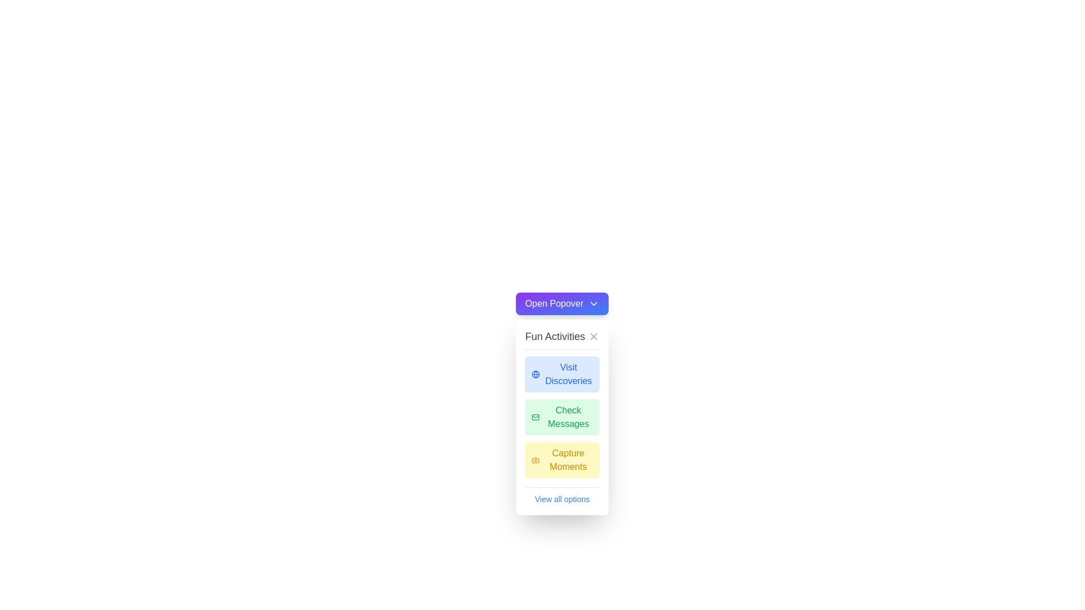 The width and height of the screenshot is (1085, 610). What do you see at coordinates (535, 374) in the screenshot?
I see `the 'Visit Discoveries' button which contains the globe icon to interact with it indirectly` at bounding box center [535, 374].